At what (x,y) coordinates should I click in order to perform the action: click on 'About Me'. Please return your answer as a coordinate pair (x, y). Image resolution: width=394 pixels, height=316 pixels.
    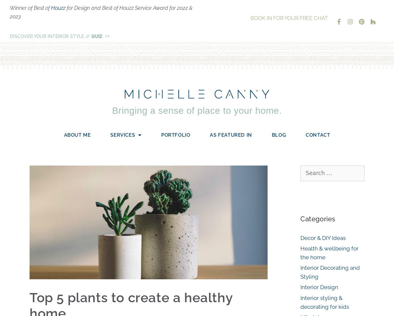
    Looking at the image, I should click on (77, 135).